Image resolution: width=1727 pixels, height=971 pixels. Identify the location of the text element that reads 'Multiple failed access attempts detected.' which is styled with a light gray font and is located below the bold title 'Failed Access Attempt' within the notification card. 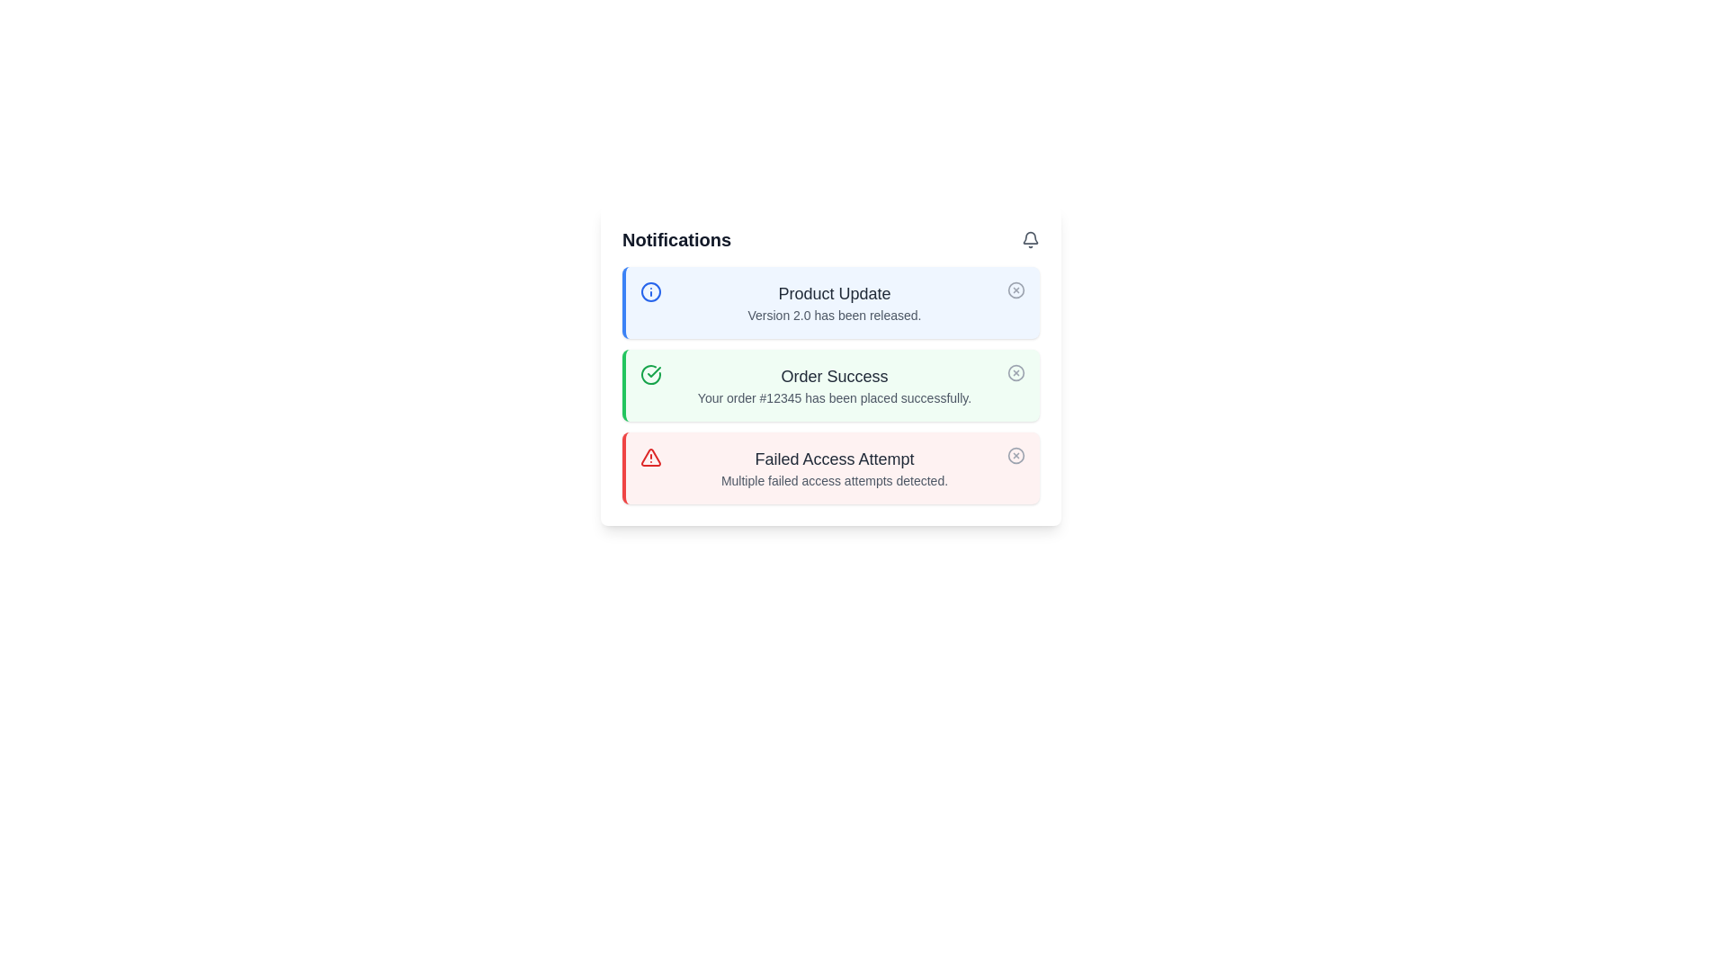
(833, 480).